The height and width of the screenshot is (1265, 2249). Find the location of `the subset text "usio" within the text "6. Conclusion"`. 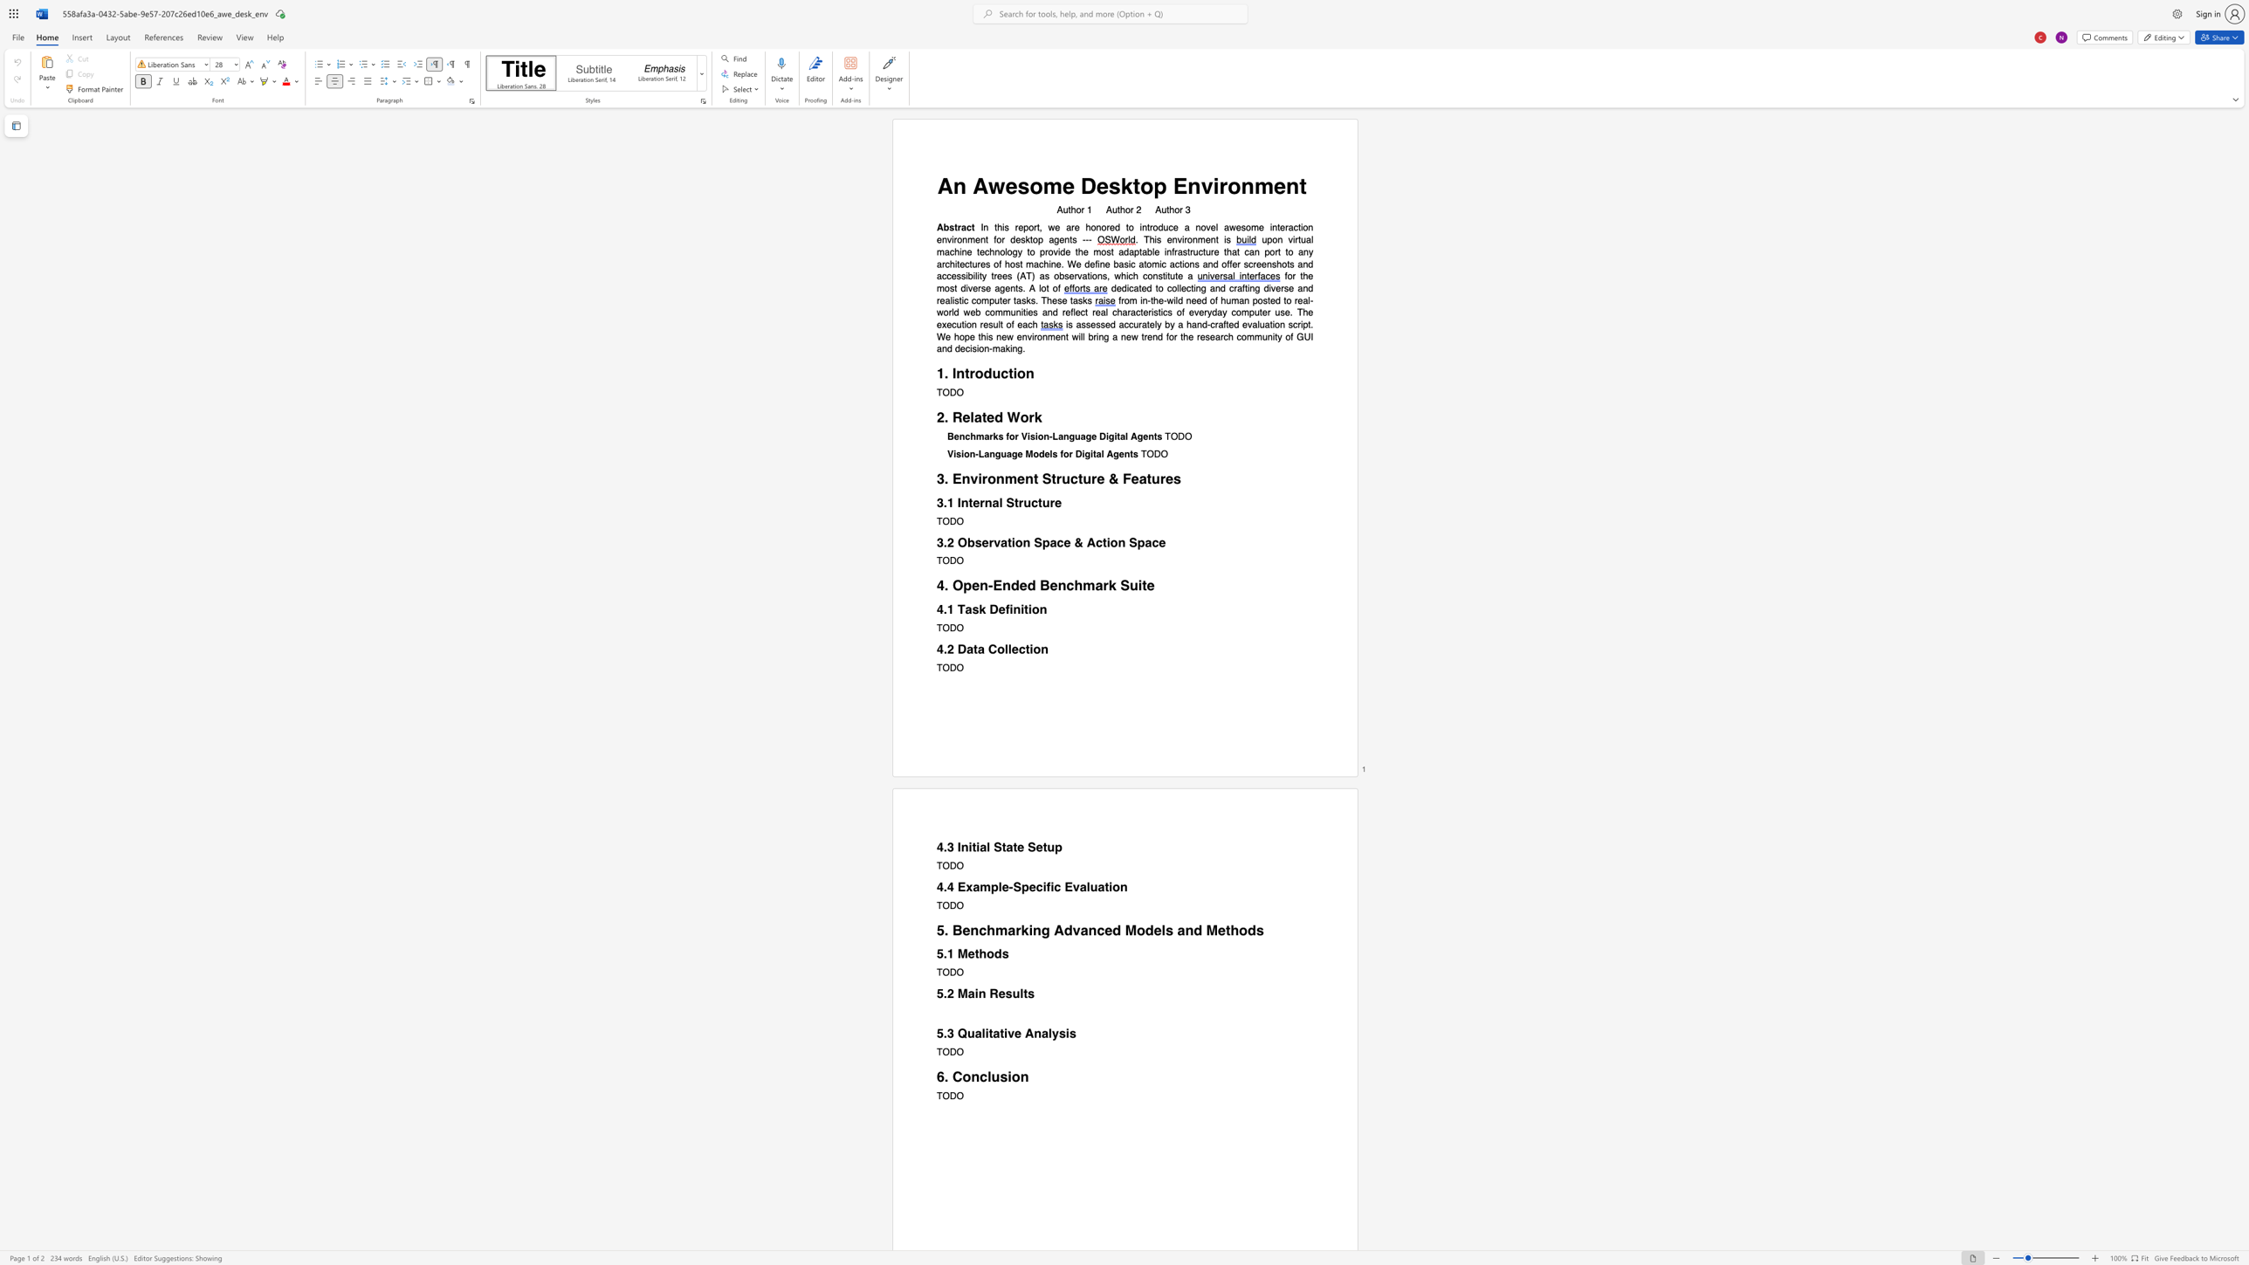

the subset text "usio" within the text "6. Conclusion" is located at coordinates (990, 1076).